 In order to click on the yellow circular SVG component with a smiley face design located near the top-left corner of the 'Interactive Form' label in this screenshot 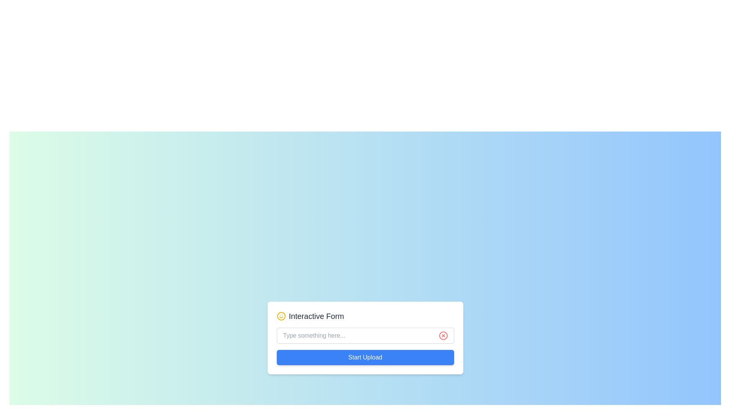, I will do `click(281, 316)`.